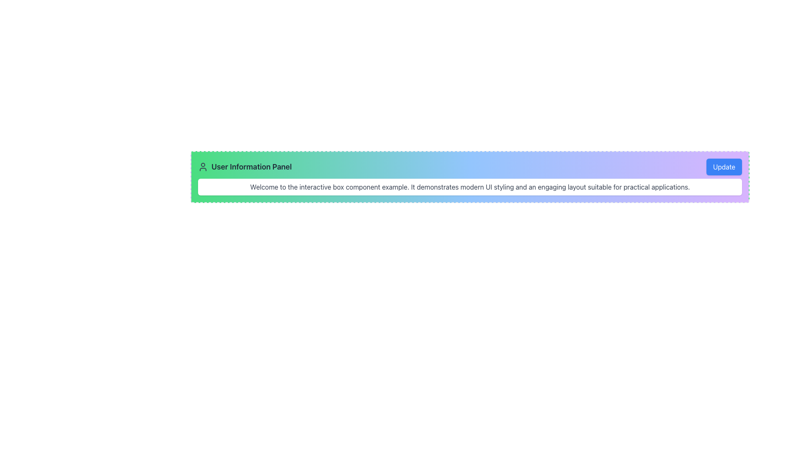 Image resolution: width=804 pixels, height=452 pixels. I want to click on informative text displayed in the Text Display Block located below the 'User Information Panel' header and the 'Update' button, so click(470, 187).